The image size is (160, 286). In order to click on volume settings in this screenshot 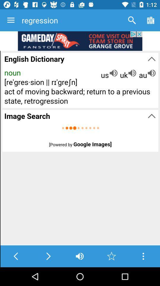, I will do `click(80, 256)`.